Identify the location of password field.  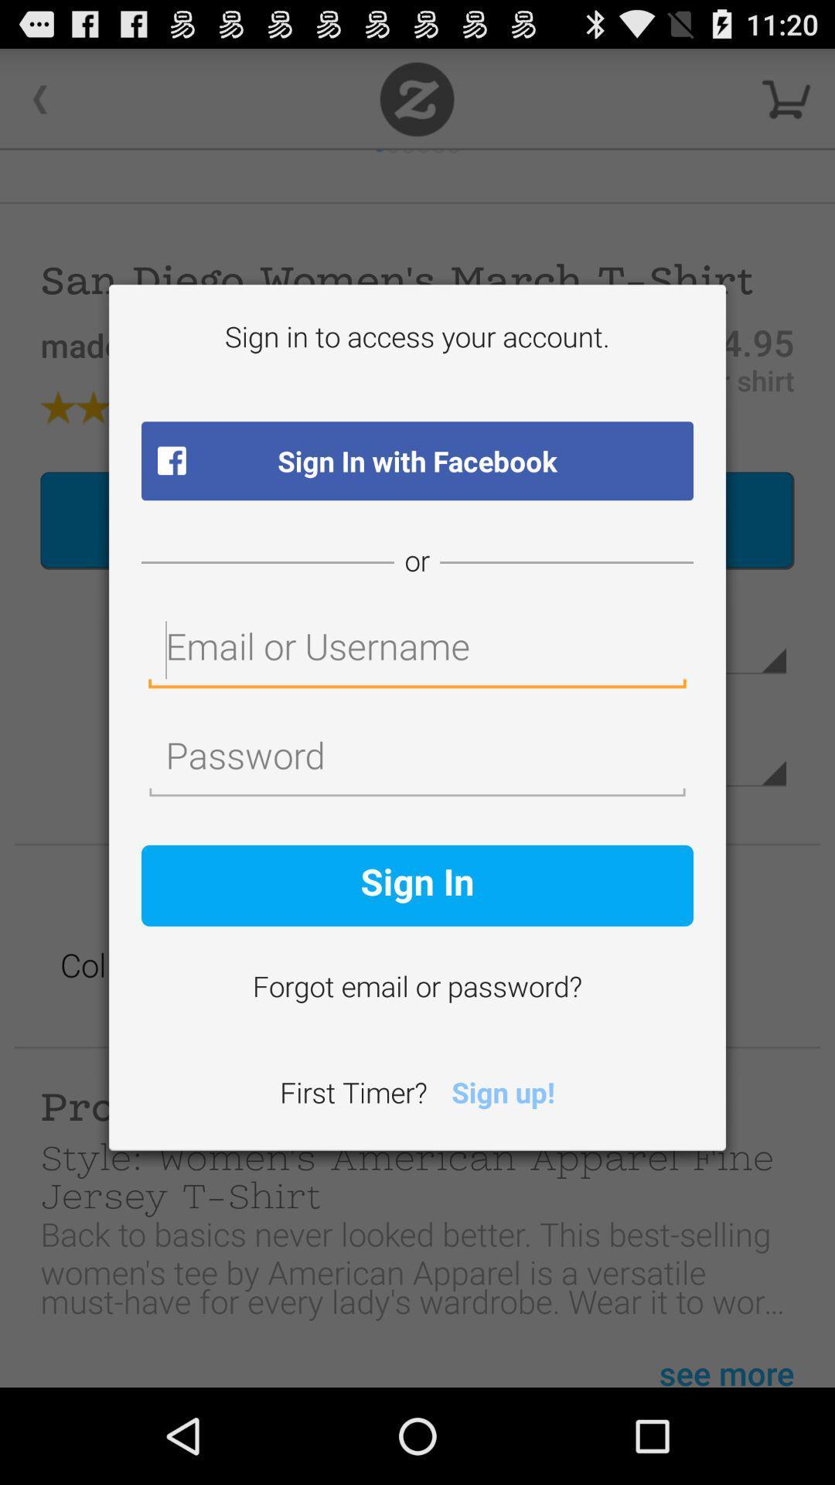
(417, 760).